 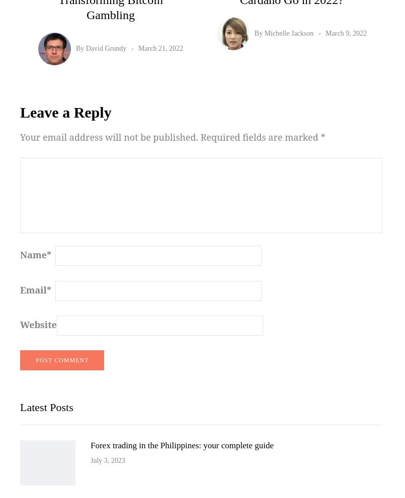 I want to click on 'Michelle Jackson', so click(x=288, y=33).